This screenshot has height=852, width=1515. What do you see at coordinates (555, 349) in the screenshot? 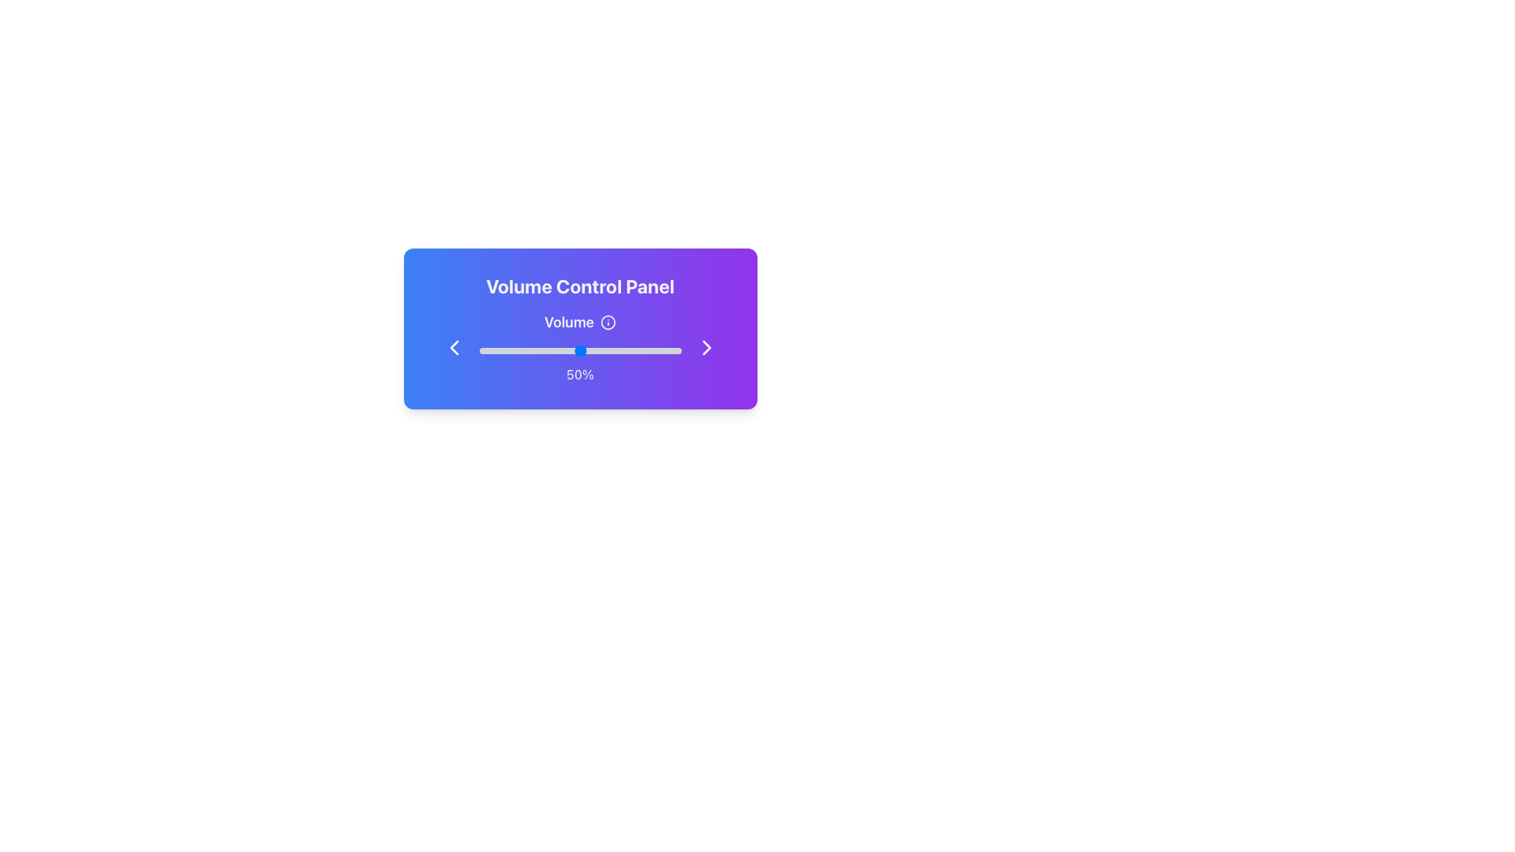
I see `the volume level` at bounding box center [555, 349].